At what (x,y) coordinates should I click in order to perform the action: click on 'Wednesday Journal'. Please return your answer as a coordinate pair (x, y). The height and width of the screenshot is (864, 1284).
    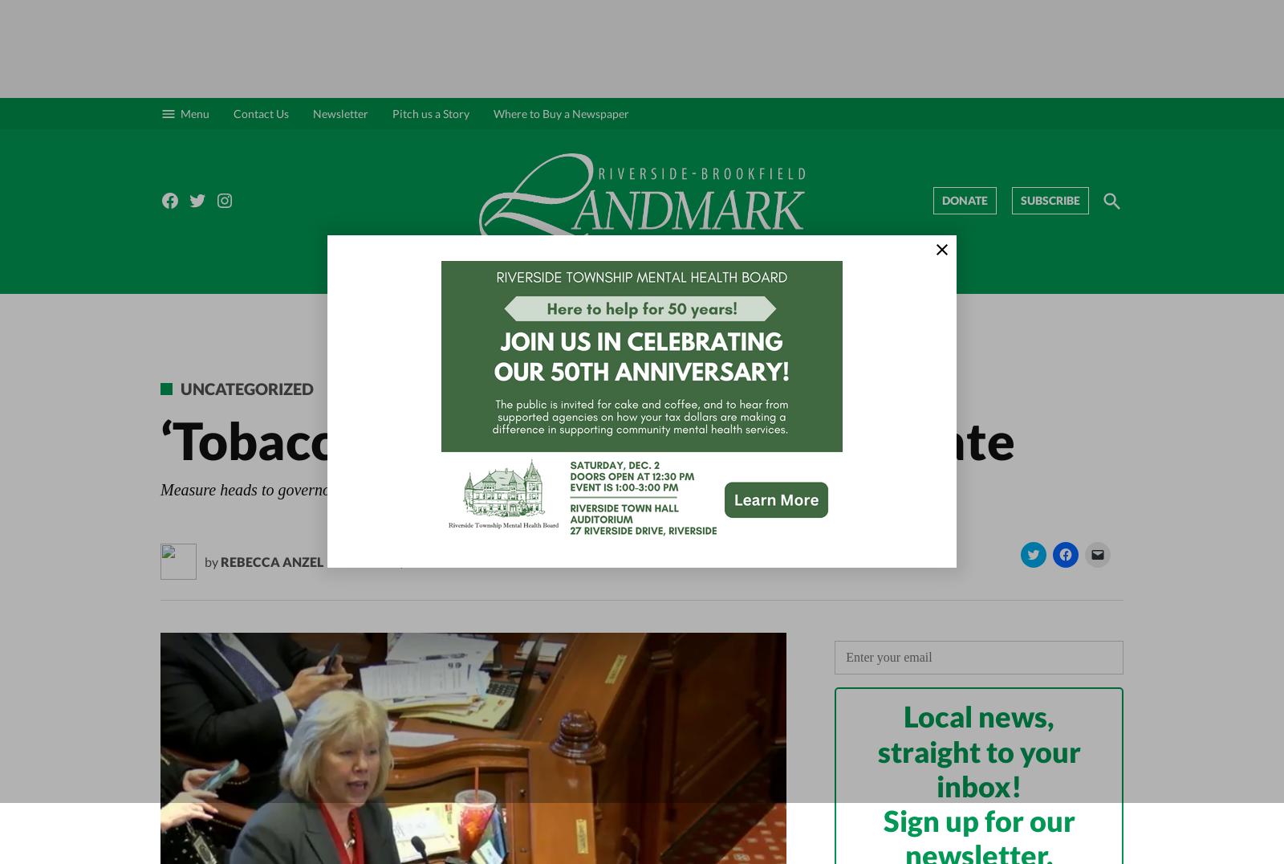
    Looking at the image, I should click on (888, 305).